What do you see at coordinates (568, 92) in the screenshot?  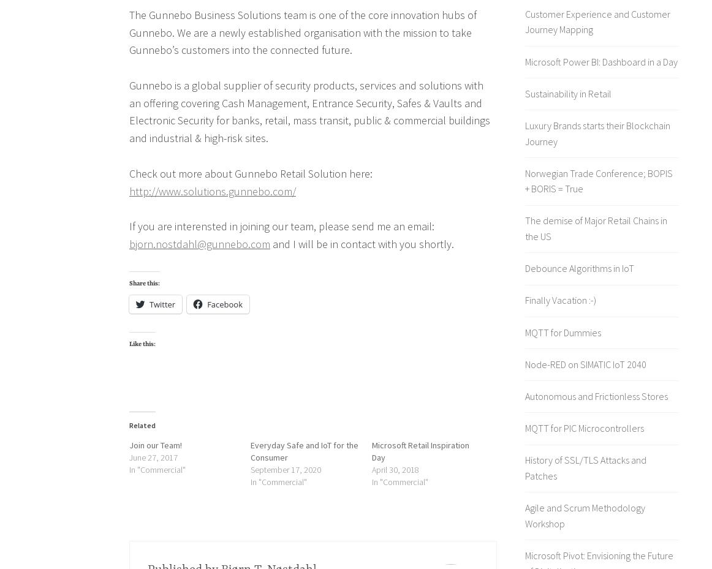 I see `'Sustainability in Retail'` at bounding box center [568, 92].